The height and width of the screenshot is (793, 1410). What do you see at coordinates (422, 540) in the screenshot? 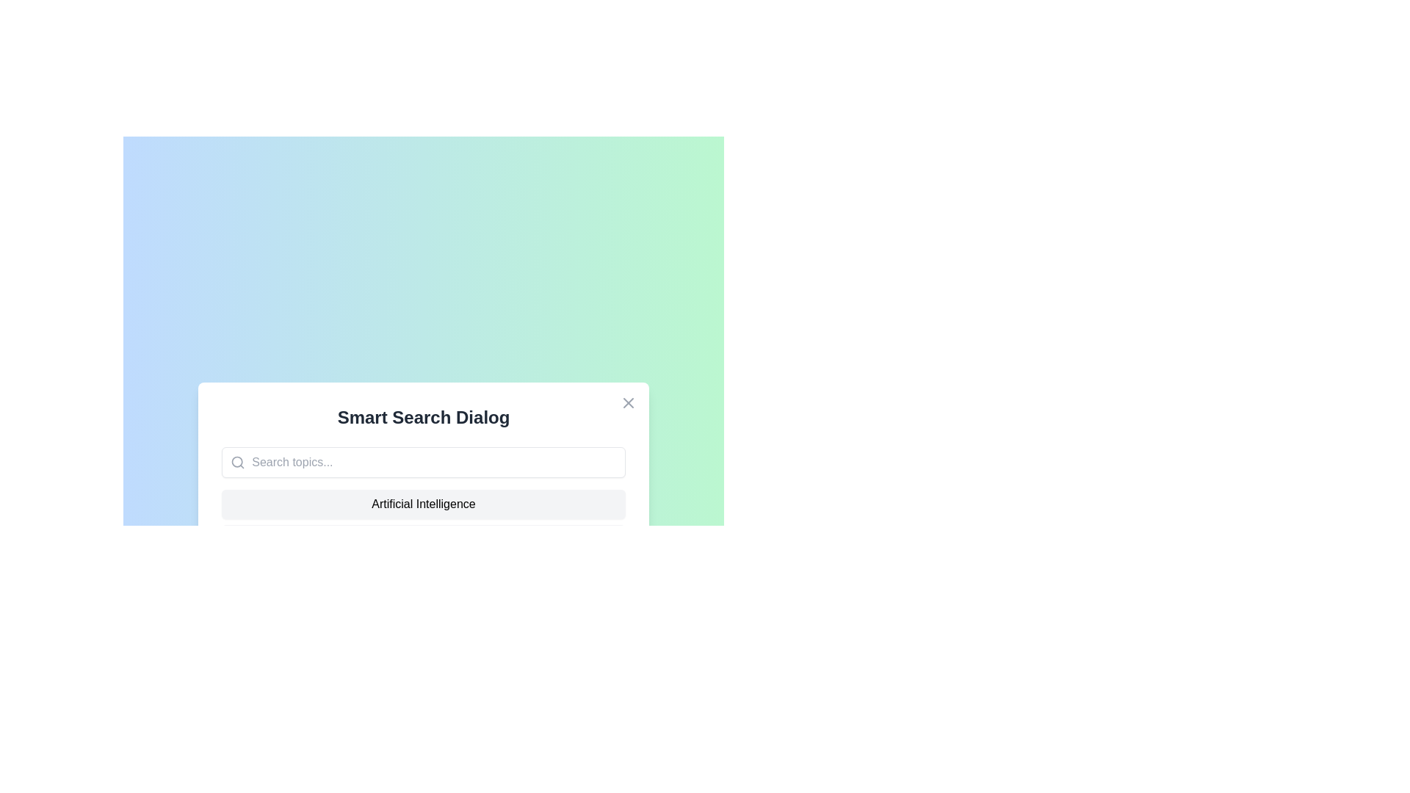
I see `the suggestion Cloud Computing to highlight it` at bounding box center [422, 540].